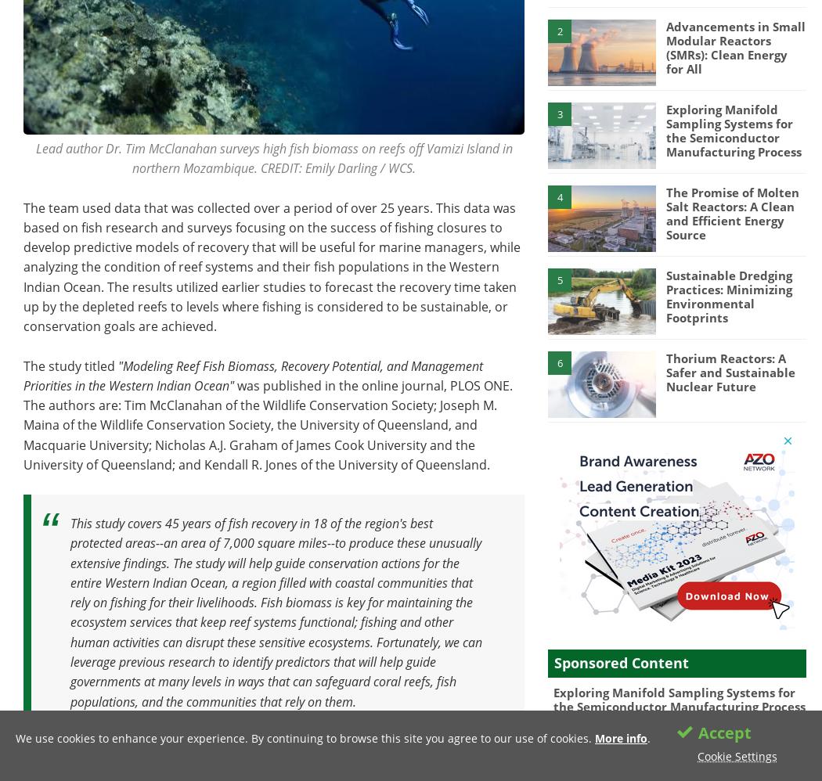  Describe the element at coordinates (350, 740) in the screenshot. I see `'Dr. Tim McClanahan, Senior Conservationist, WCS'` at that location.